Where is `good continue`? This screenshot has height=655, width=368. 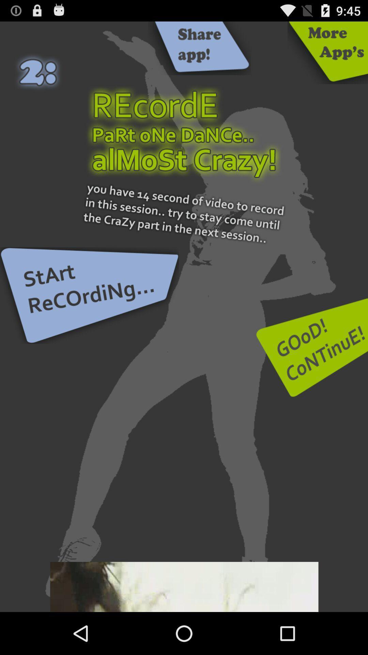 good continue is located at coordinates (312, 347).